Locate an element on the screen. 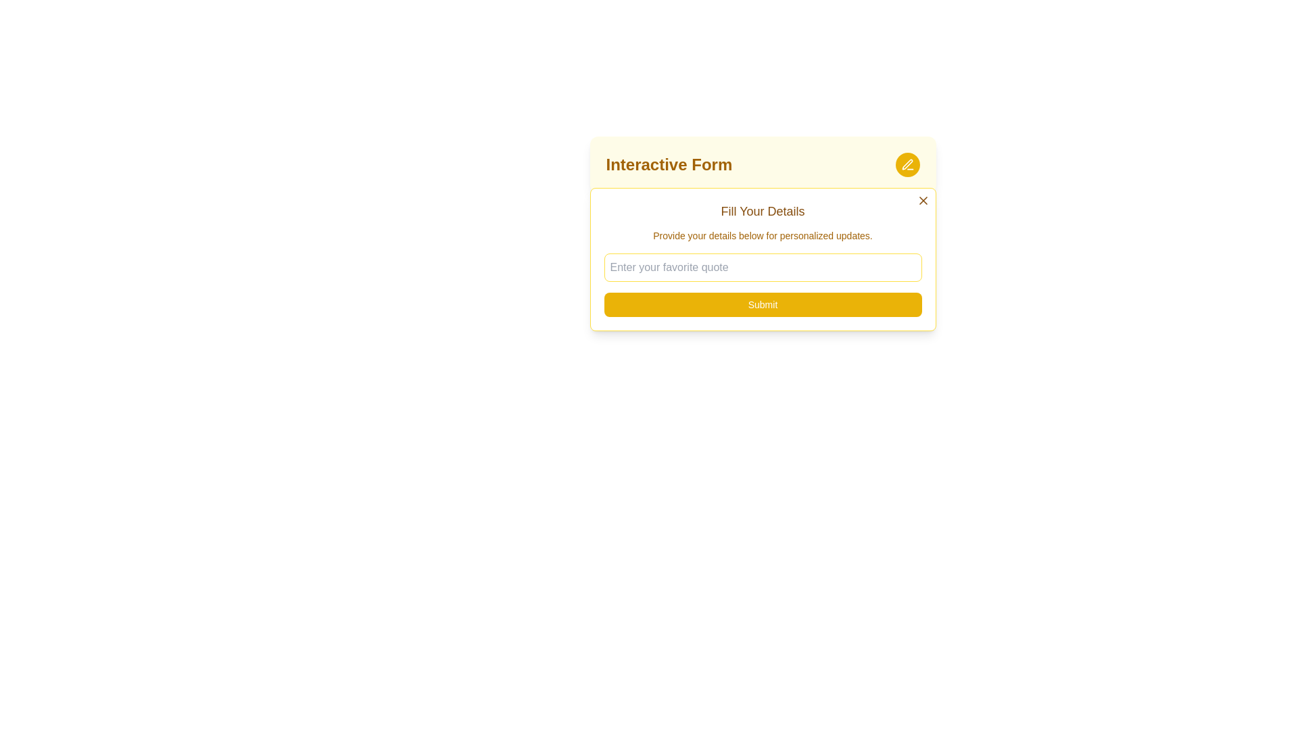 The width and height of the screenshot is (1298, 730). the 'Submit' button with a yellow background and white text is located at coordinates (763, 305).